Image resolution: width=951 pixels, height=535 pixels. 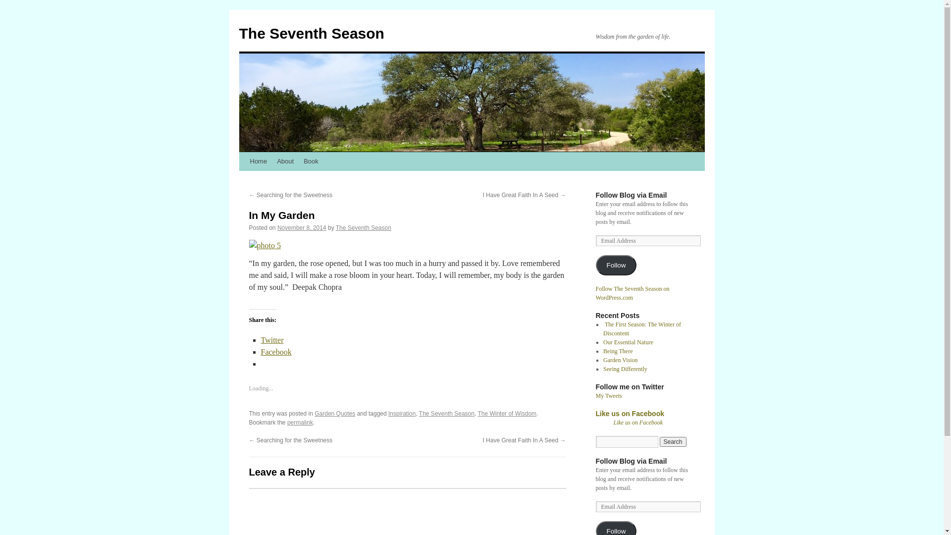 I want to click on 'About', so click(x=285, y=161).